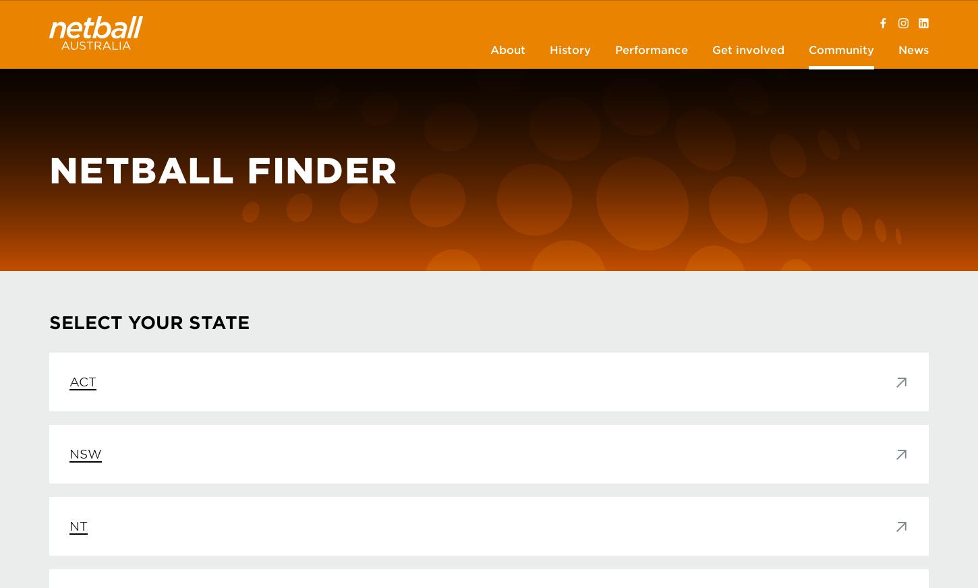  What do you see at coordinates (502, 88) in the screenshot?
I see `'Confident Girls Foundation'` at bounding box center [502, 88].